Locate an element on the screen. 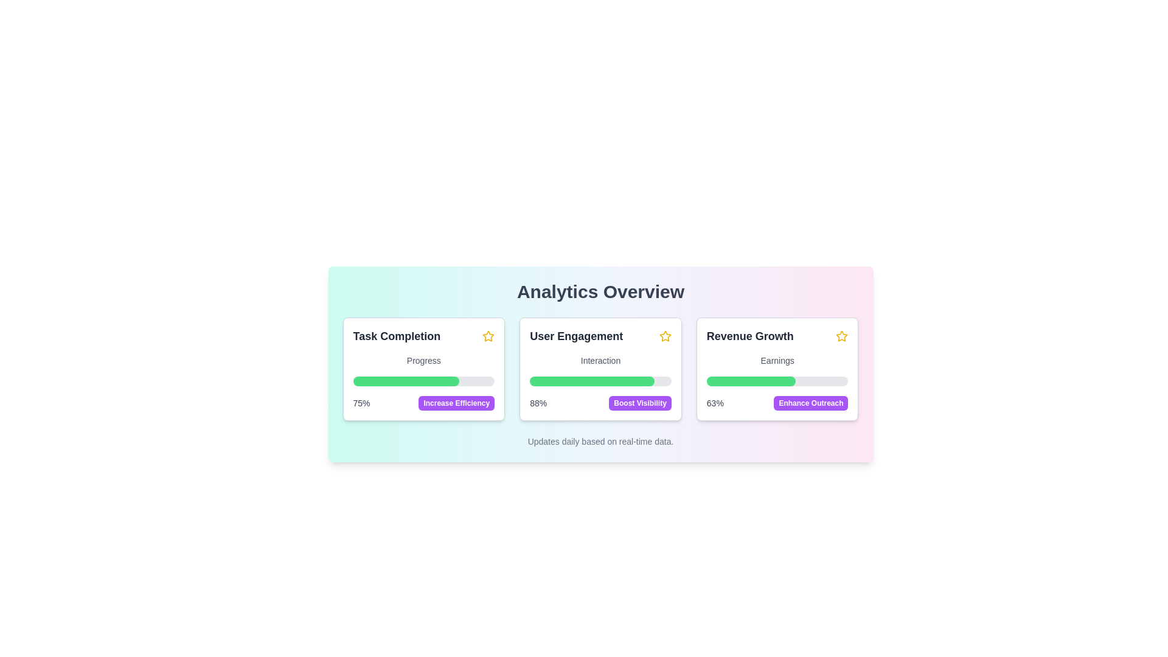 This screenshot has height=657, width=1168. the 'Increase Efficiency' button located at the bottom of the 'Task Completion' card in the Analytics Overview section, which is part of a combination component displaying '75%' is located at coordinates (423, 403).